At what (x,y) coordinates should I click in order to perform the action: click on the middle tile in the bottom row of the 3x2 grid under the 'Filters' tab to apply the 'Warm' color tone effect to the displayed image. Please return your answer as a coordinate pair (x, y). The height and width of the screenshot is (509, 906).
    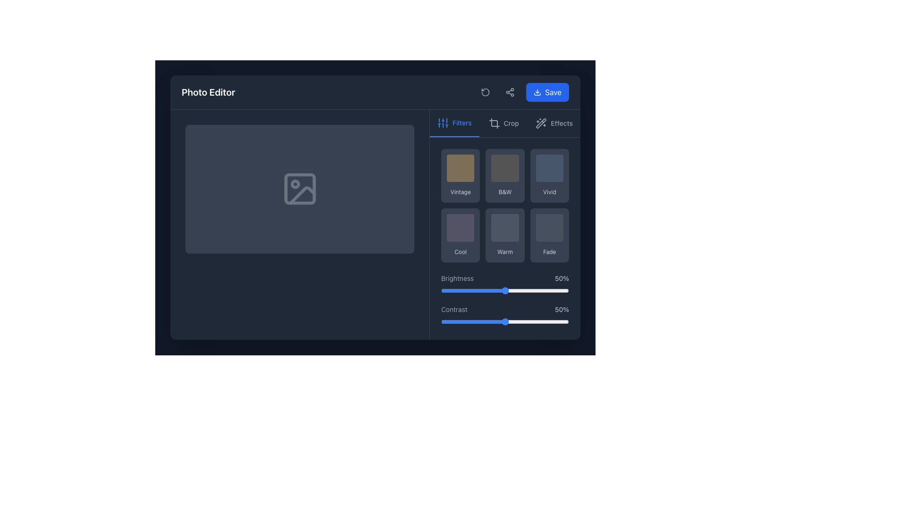
    Looking at the image, I should click on (504, 238).